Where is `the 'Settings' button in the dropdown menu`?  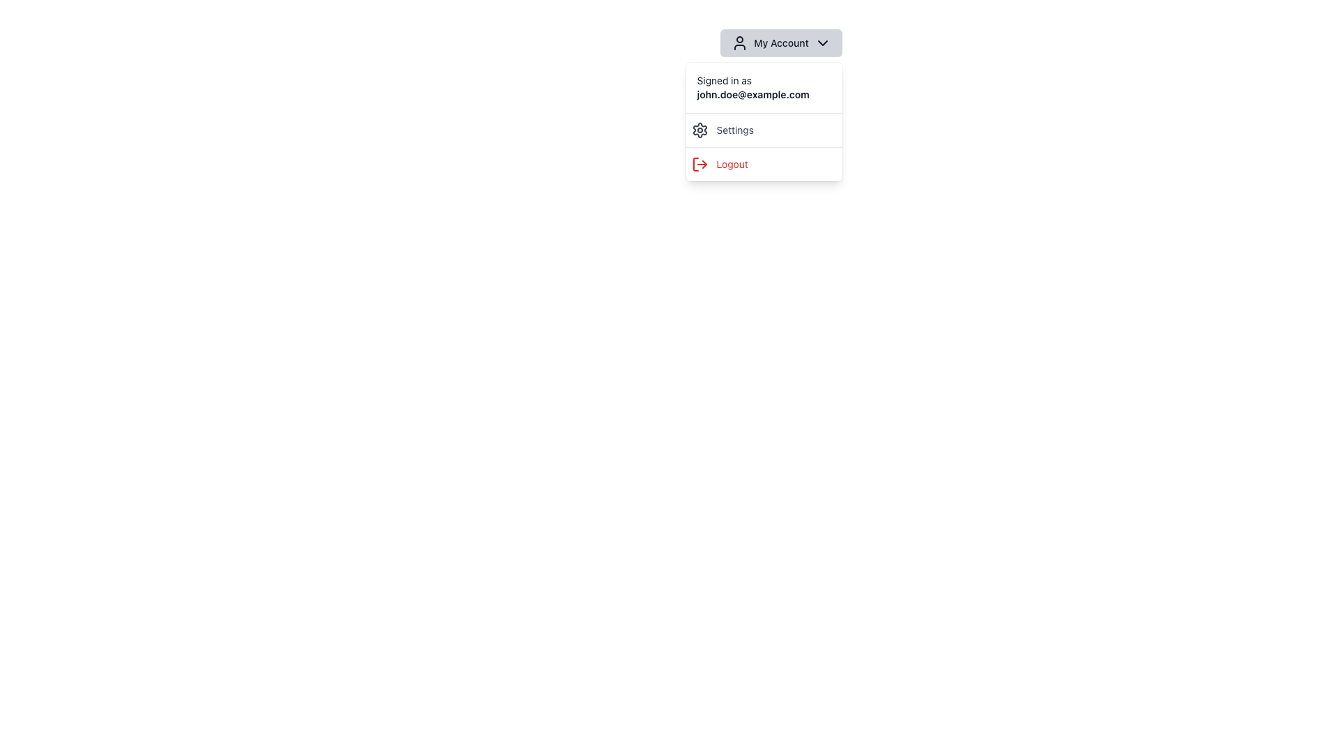 the 'Settings' button in the dropdown menu is located at coordinates (763, 130).